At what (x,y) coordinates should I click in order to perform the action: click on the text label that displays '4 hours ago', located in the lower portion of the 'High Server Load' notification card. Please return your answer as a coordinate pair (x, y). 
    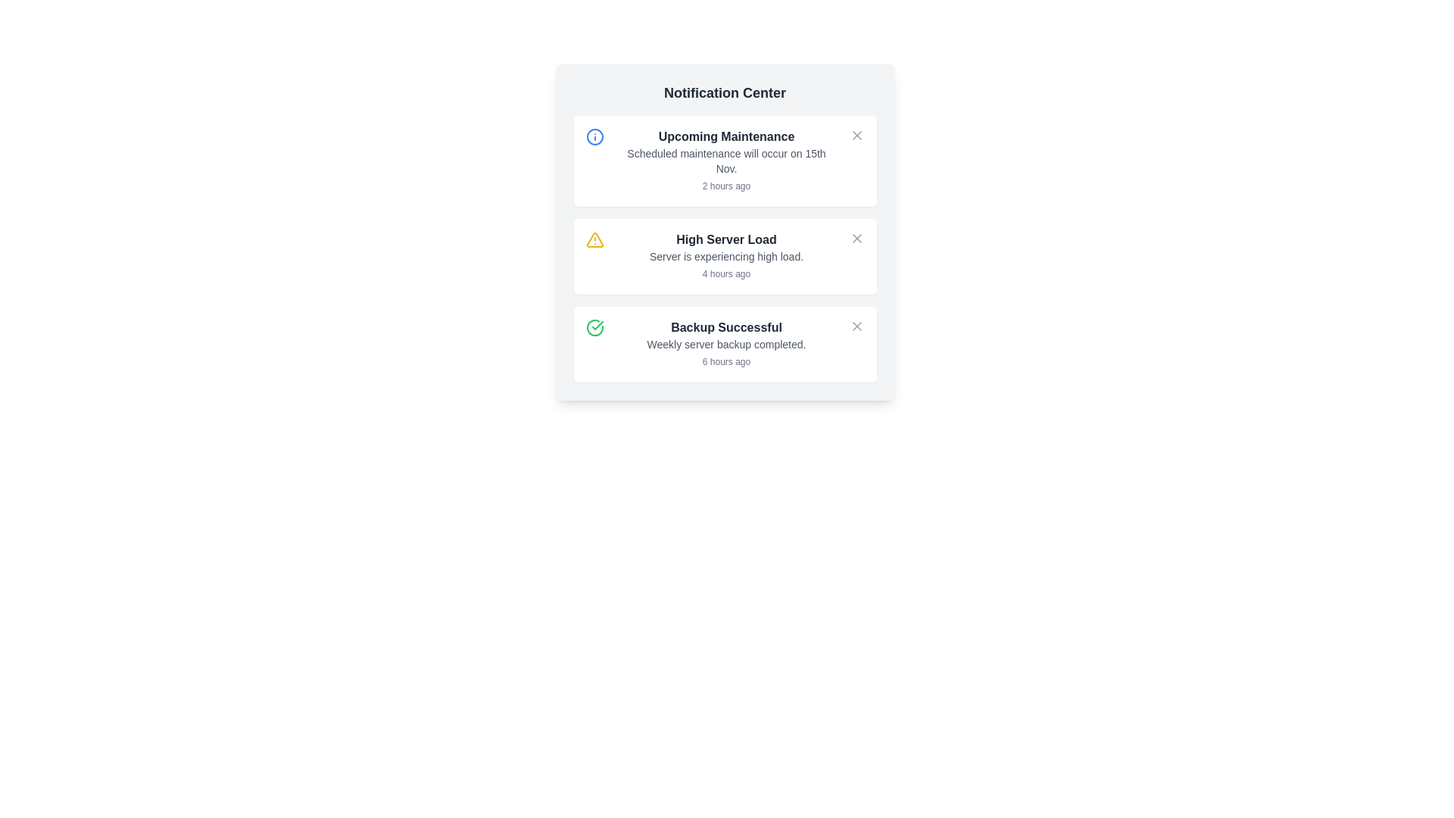
    Looking at the image, I should click on (725, 274).